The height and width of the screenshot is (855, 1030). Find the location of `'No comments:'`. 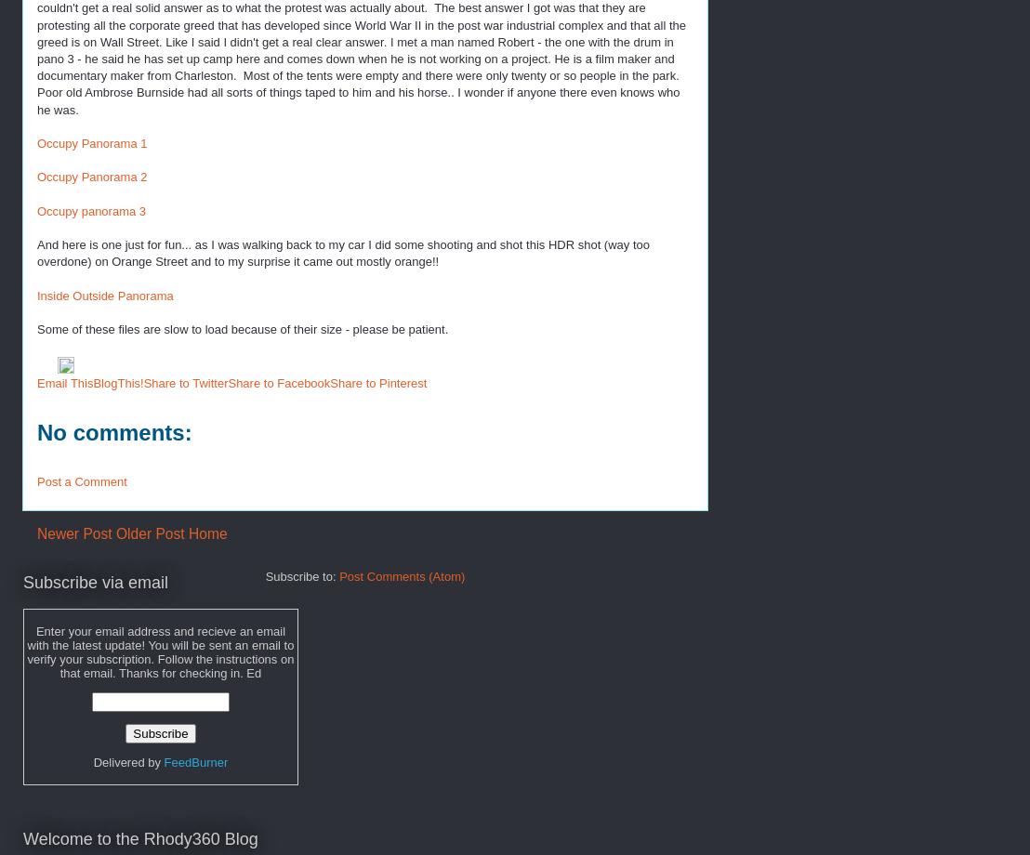

'No comments:' is located at coordinates (36, 431).